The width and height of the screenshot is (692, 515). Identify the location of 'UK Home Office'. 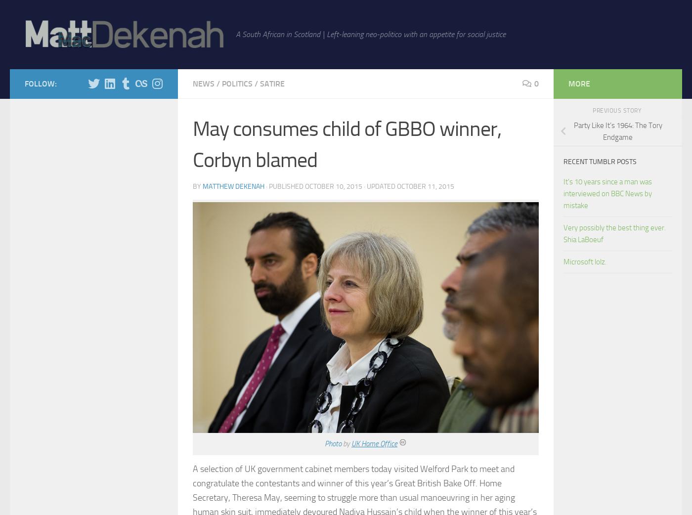
(374, 443).